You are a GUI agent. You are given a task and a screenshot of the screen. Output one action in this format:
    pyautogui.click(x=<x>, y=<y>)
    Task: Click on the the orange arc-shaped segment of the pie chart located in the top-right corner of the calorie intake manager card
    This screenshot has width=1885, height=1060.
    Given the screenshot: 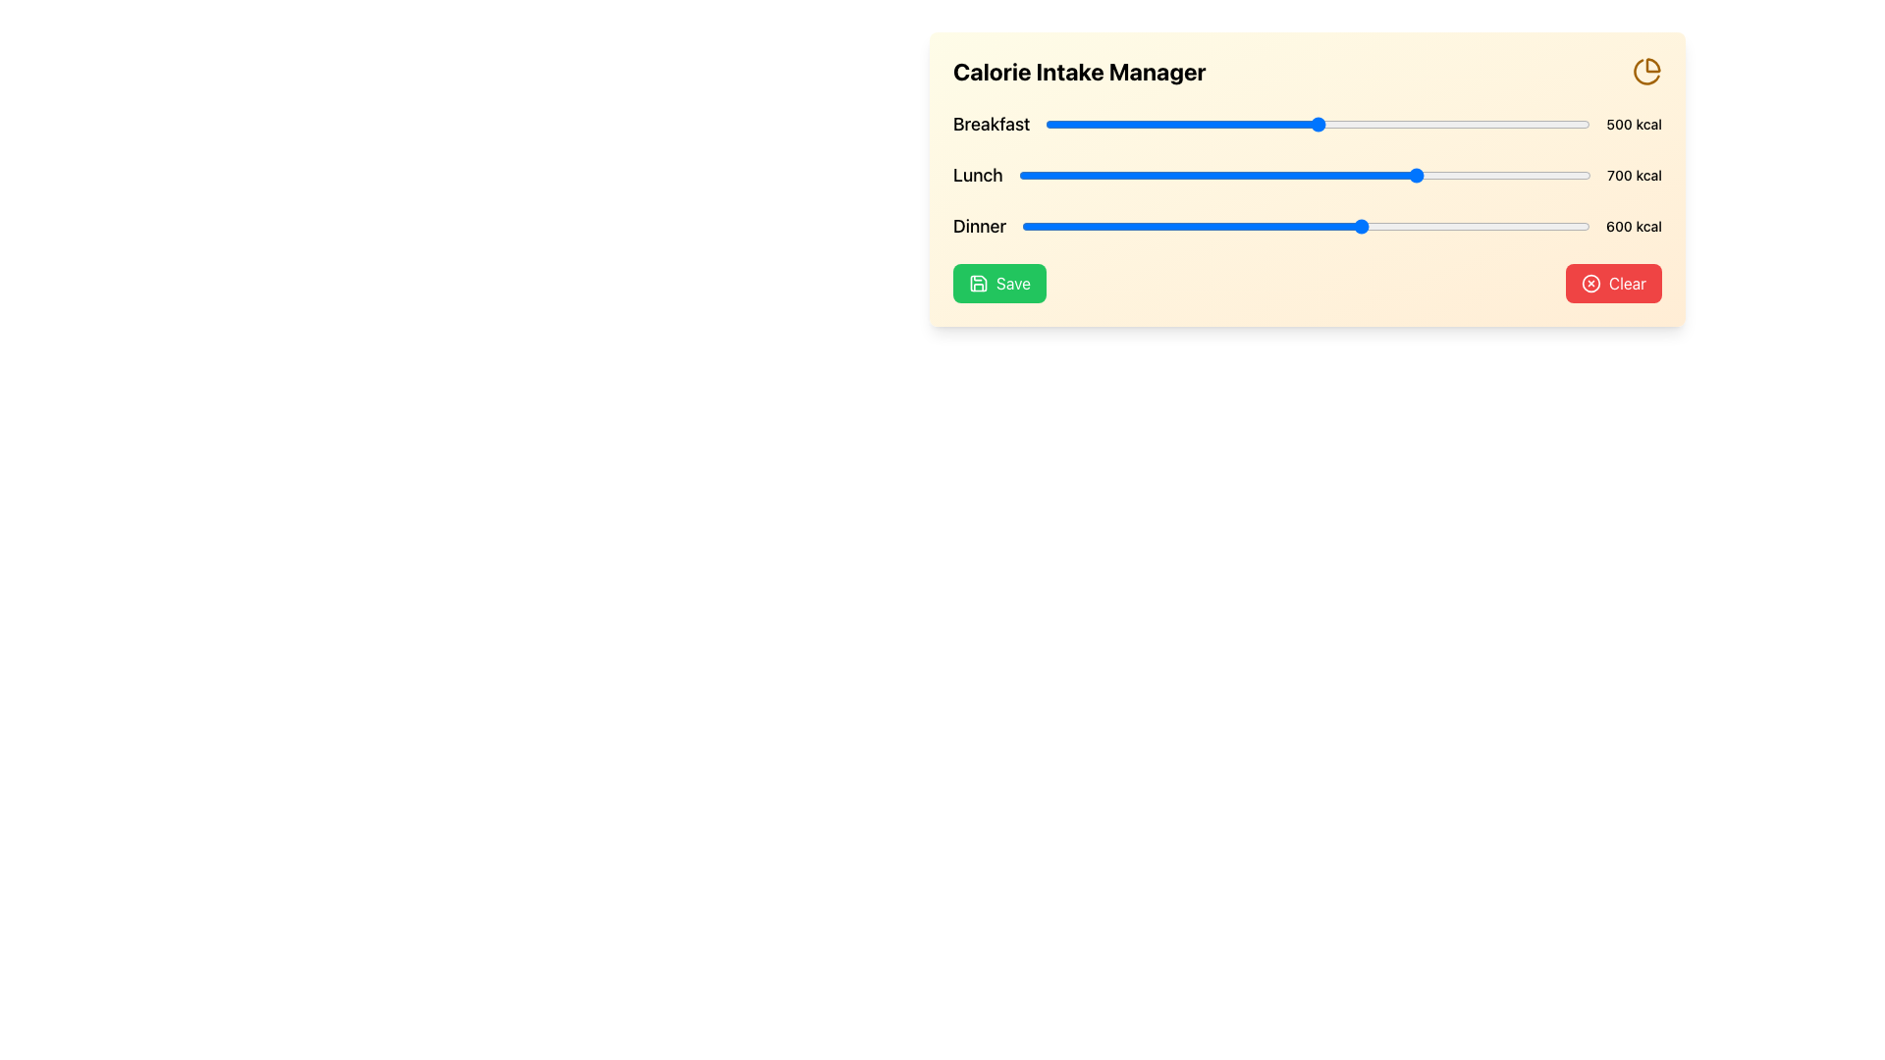 What is the action you would take?
    pyautogui.click(x=1646, y=71)
    